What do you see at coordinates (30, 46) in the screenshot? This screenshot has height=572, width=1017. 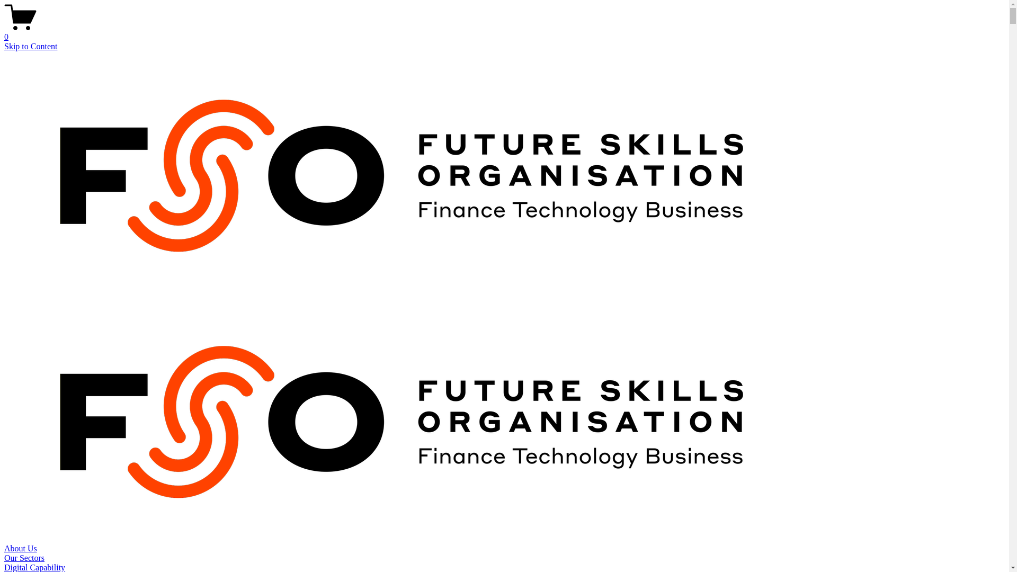 I see `'Skip to Content'` at bounding box center [30, 46].